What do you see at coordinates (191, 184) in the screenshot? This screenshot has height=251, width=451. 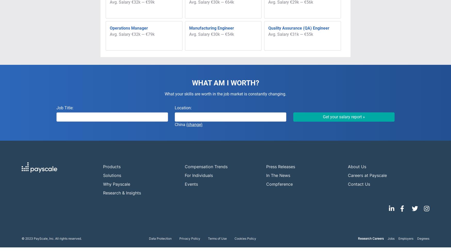 I see `'Events'` at bounding box center [191, 184].